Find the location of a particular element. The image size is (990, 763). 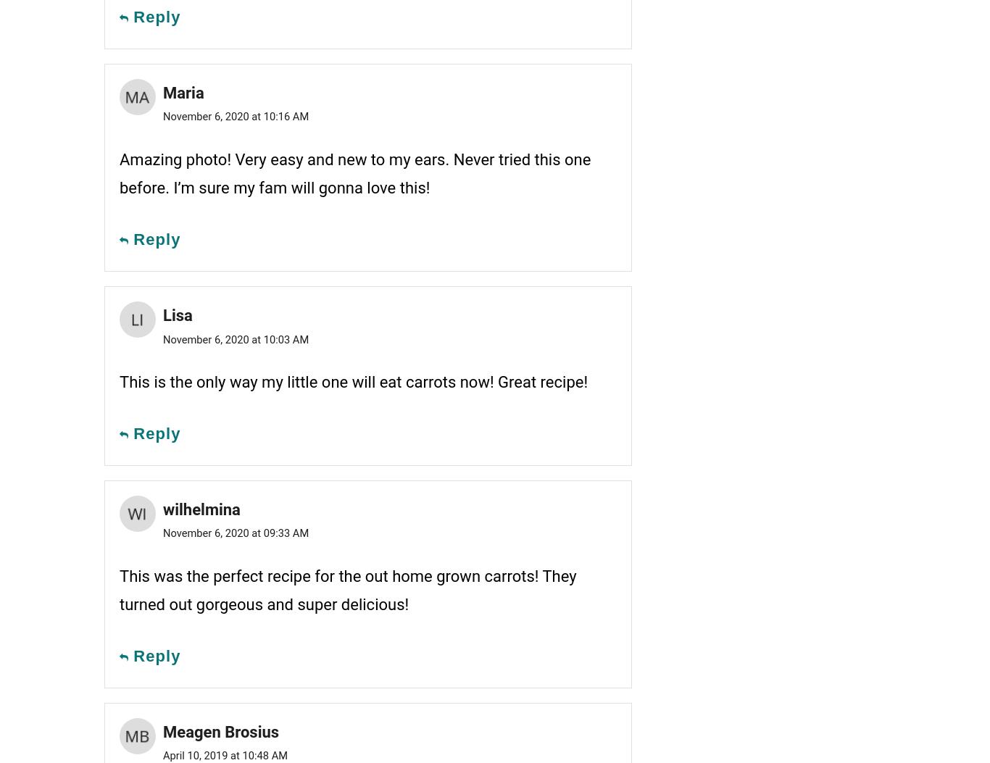

'Maria' is located at coordinates (183, 92).